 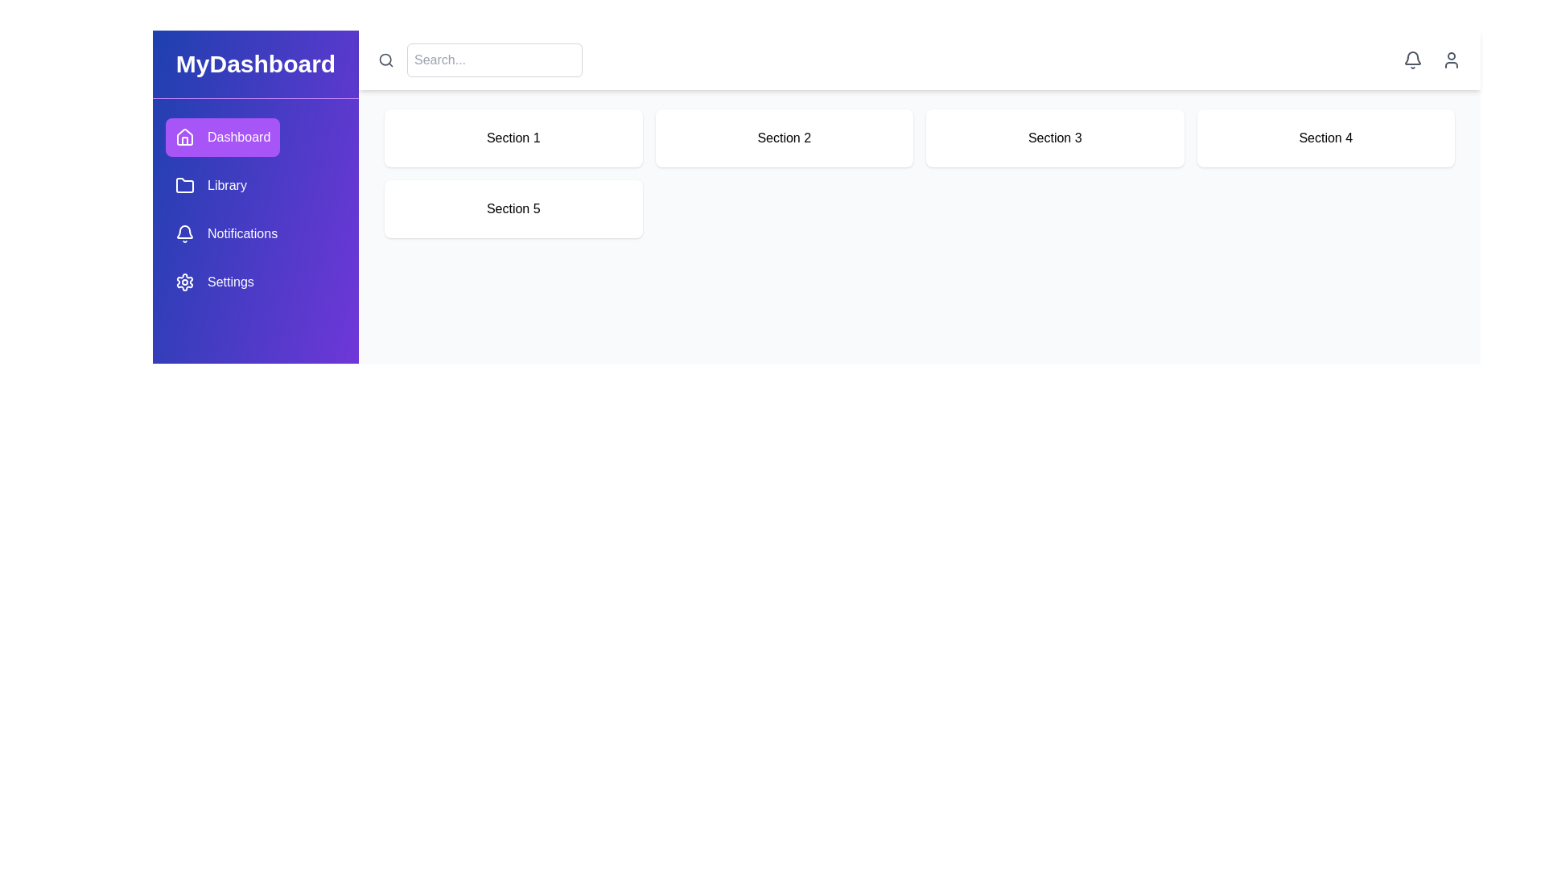 I want to click on the 'Library' navigation button located in the second position of the vertical navigation bar, so click(x=210, y=185).